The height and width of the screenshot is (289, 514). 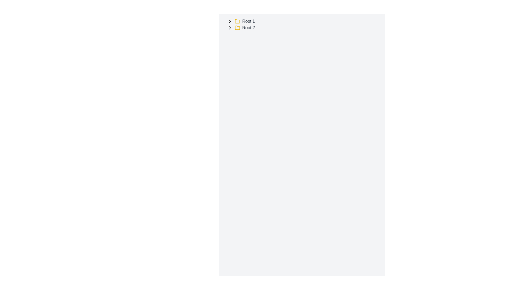 What do you see at coordinates (230, 21) in the screenshot?
I see `the right-chevron icon located to the left of the text 'Root 1'` at bounding box center [230, 21].